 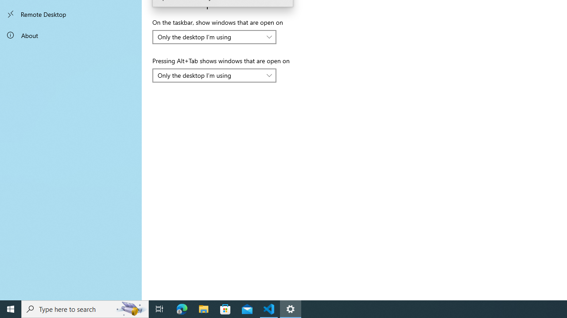 What do you see at coordinates (214, 75) in the screenshot?
I see `'Pressing Alt+Tab shows windows that are open on'` at bounding box center [214, 75].